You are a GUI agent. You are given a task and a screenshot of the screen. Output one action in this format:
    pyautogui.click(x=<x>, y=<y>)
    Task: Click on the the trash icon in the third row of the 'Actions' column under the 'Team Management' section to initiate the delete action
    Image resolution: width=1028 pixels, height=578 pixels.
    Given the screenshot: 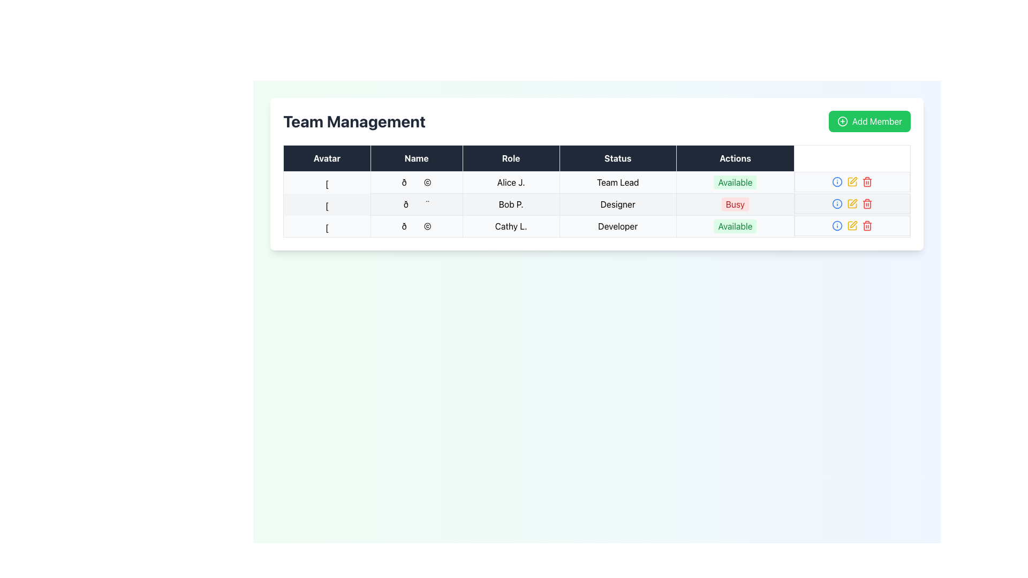 What is the action you would take?
    pyautogui.click(x=867, y=182)
    